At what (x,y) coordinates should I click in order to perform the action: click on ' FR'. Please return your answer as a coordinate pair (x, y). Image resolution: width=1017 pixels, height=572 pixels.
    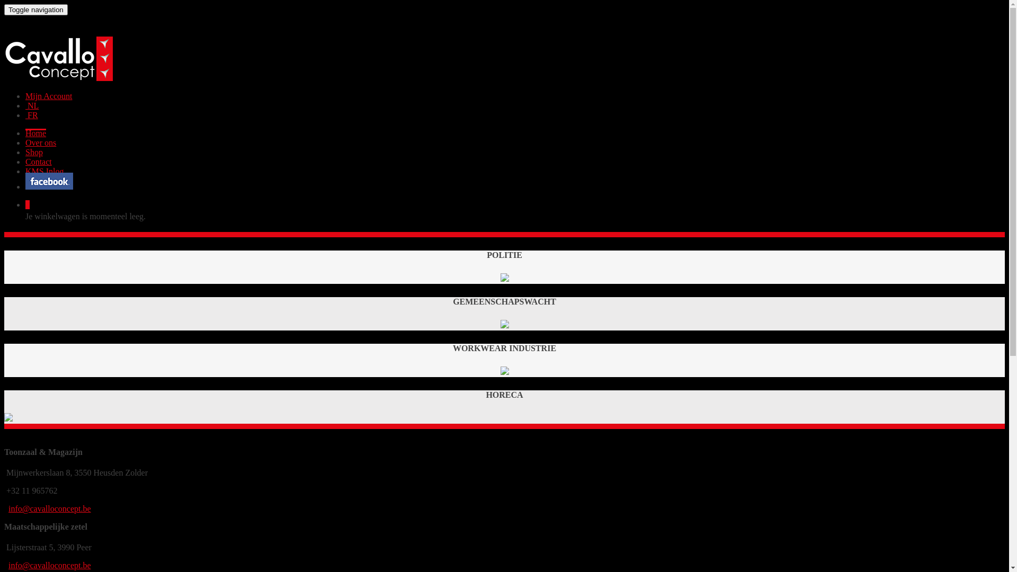
    Looking at the image, I should click on (31, 115).